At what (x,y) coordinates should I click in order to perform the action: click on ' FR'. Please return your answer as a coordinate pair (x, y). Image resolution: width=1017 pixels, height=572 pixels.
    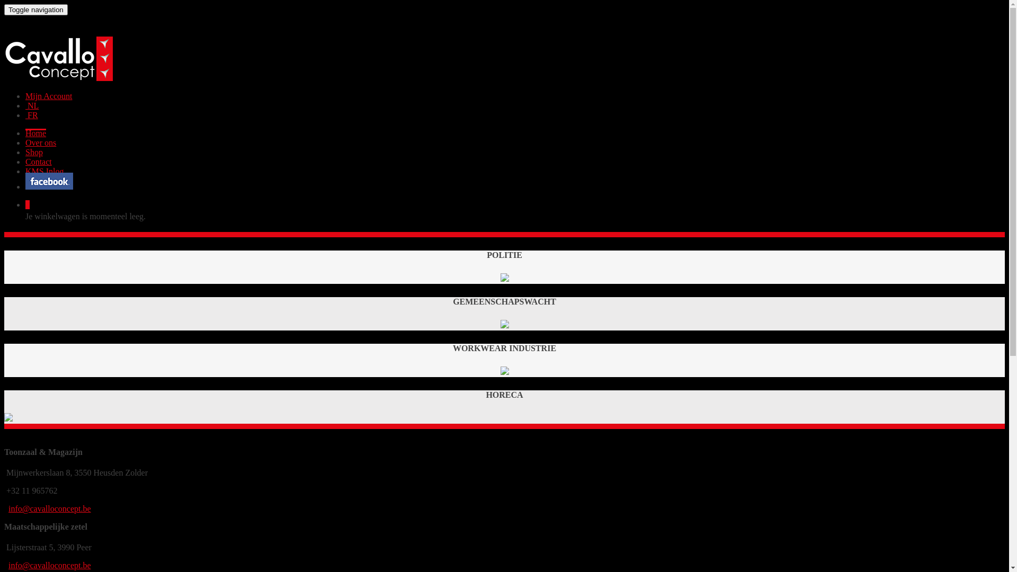
    Looking at the image, I should click on (31, 115).